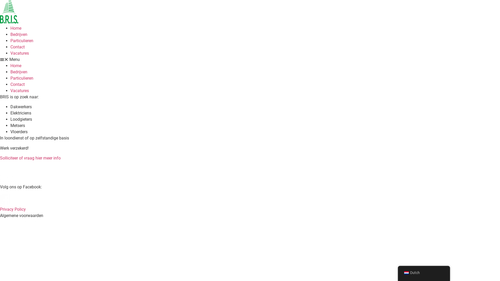 This screenshot has height=281, width=500. Describe the element at coordinates (21, 78) in the screenshot. I see `'Particulieren'` at that location.